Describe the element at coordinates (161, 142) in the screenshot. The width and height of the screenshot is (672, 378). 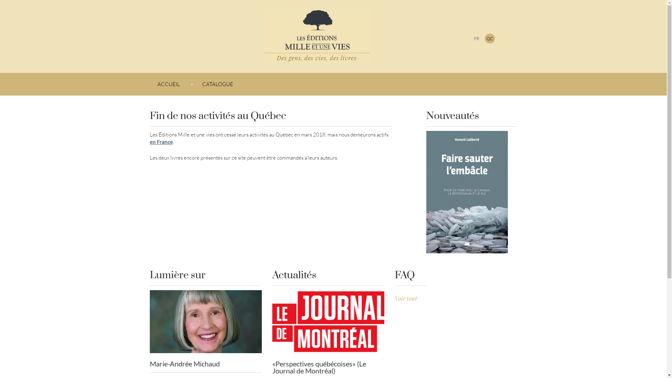
I see `'en France'` at that location.